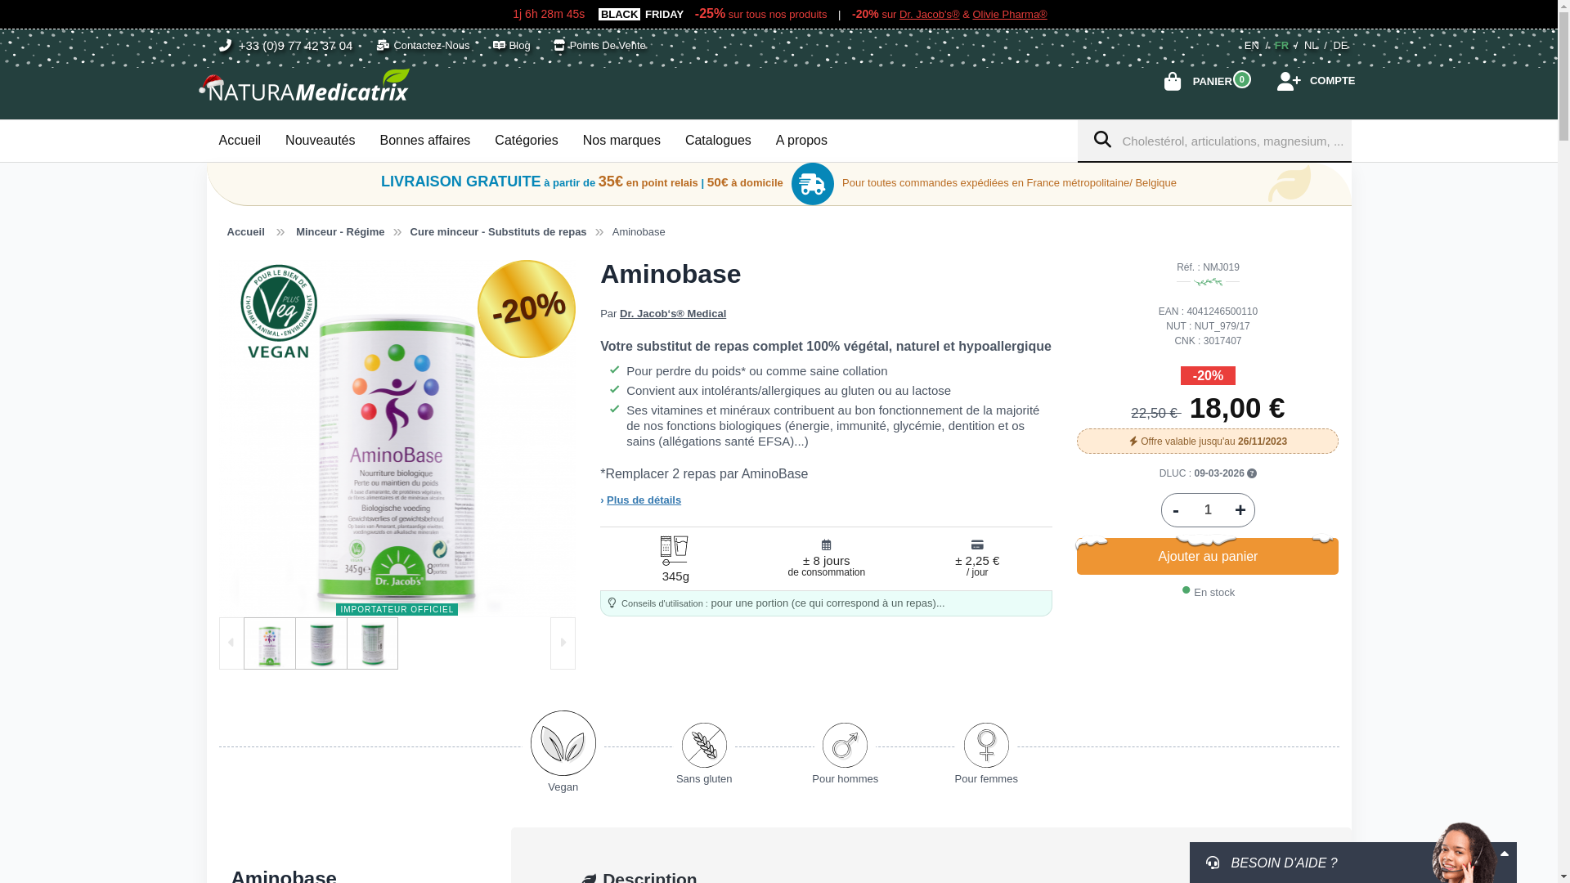  Describe the element at coordinates (497, 231) in the screenshot. I see `'Cure minceur - Substituts de repas'` at that location.